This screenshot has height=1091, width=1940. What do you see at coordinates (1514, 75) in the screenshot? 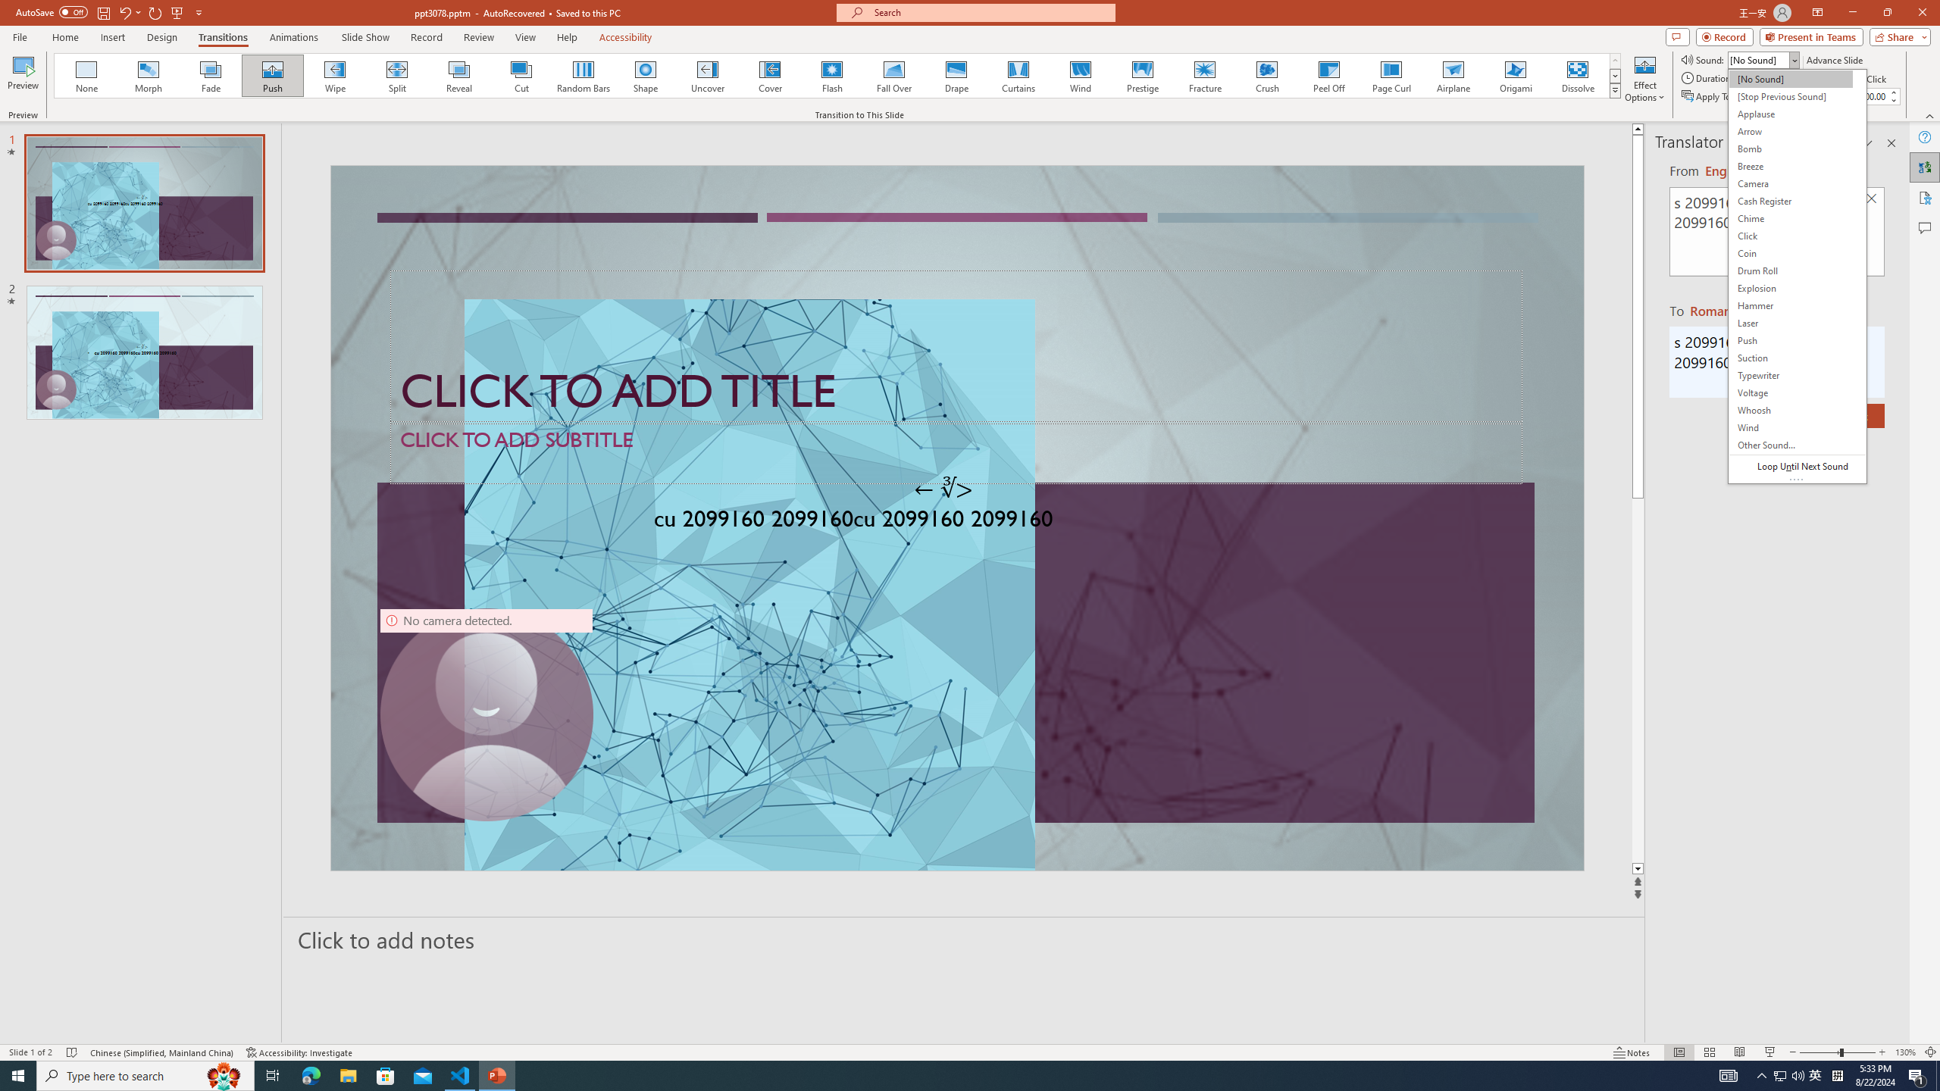
I see `'Origami'` at bounding box center [1514, 75].